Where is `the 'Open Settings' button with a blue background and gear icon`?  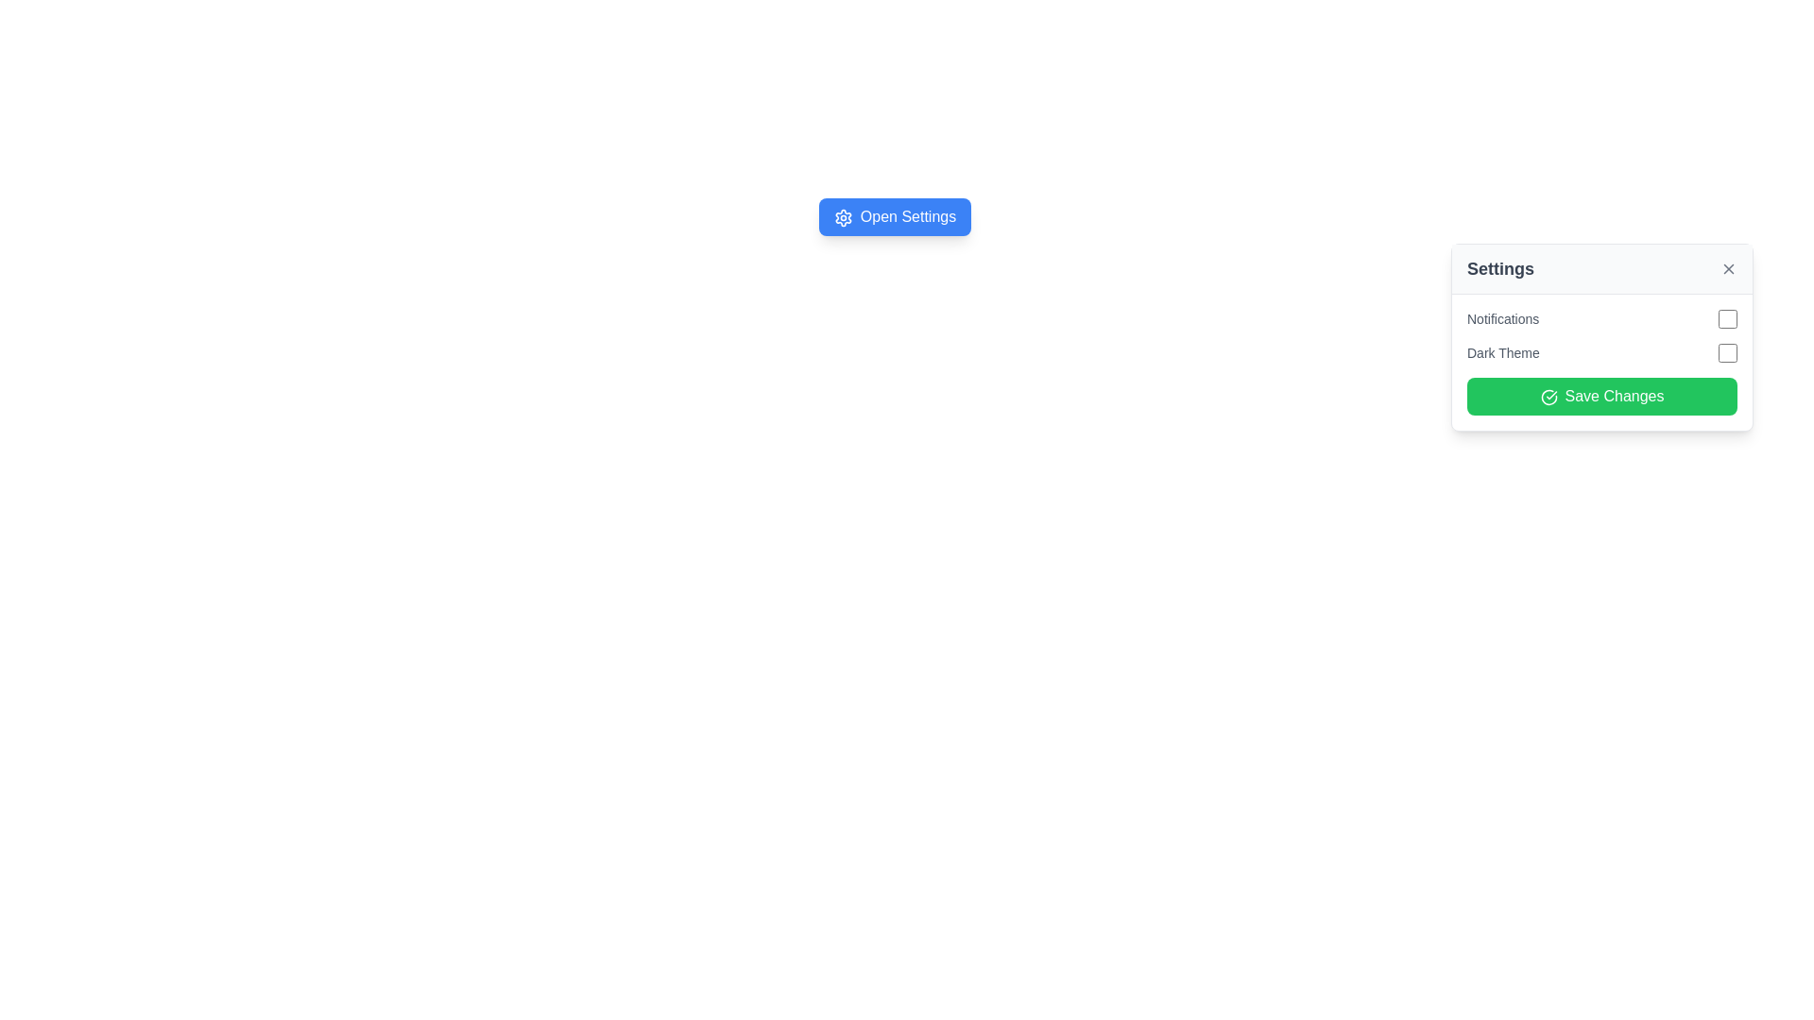
the 'Open Settings' button with a blue background and gear icon is located at coordinates (894, 216).